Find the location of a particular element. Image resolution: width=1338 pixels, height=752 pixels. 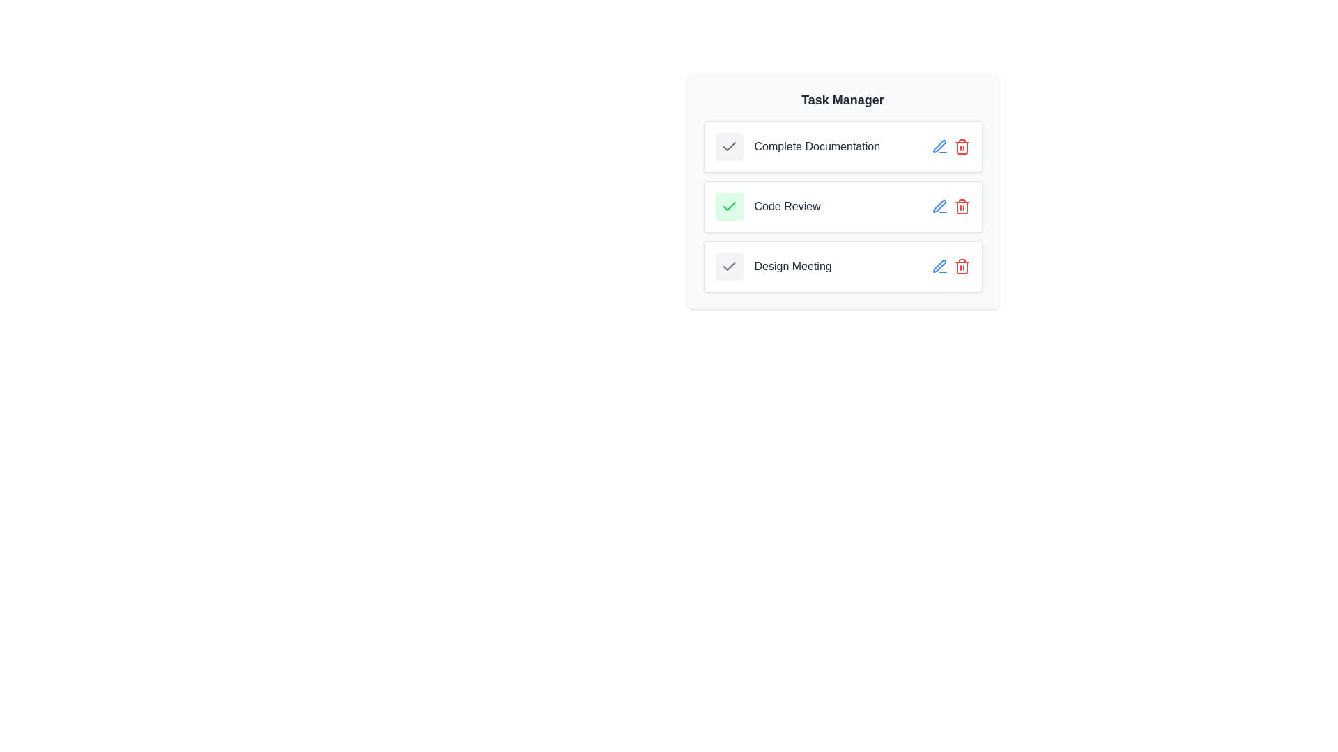

the red trash bin icon in the bottom-right corner of the 'Design Meeting' task card is located at coordinates (950, 266).